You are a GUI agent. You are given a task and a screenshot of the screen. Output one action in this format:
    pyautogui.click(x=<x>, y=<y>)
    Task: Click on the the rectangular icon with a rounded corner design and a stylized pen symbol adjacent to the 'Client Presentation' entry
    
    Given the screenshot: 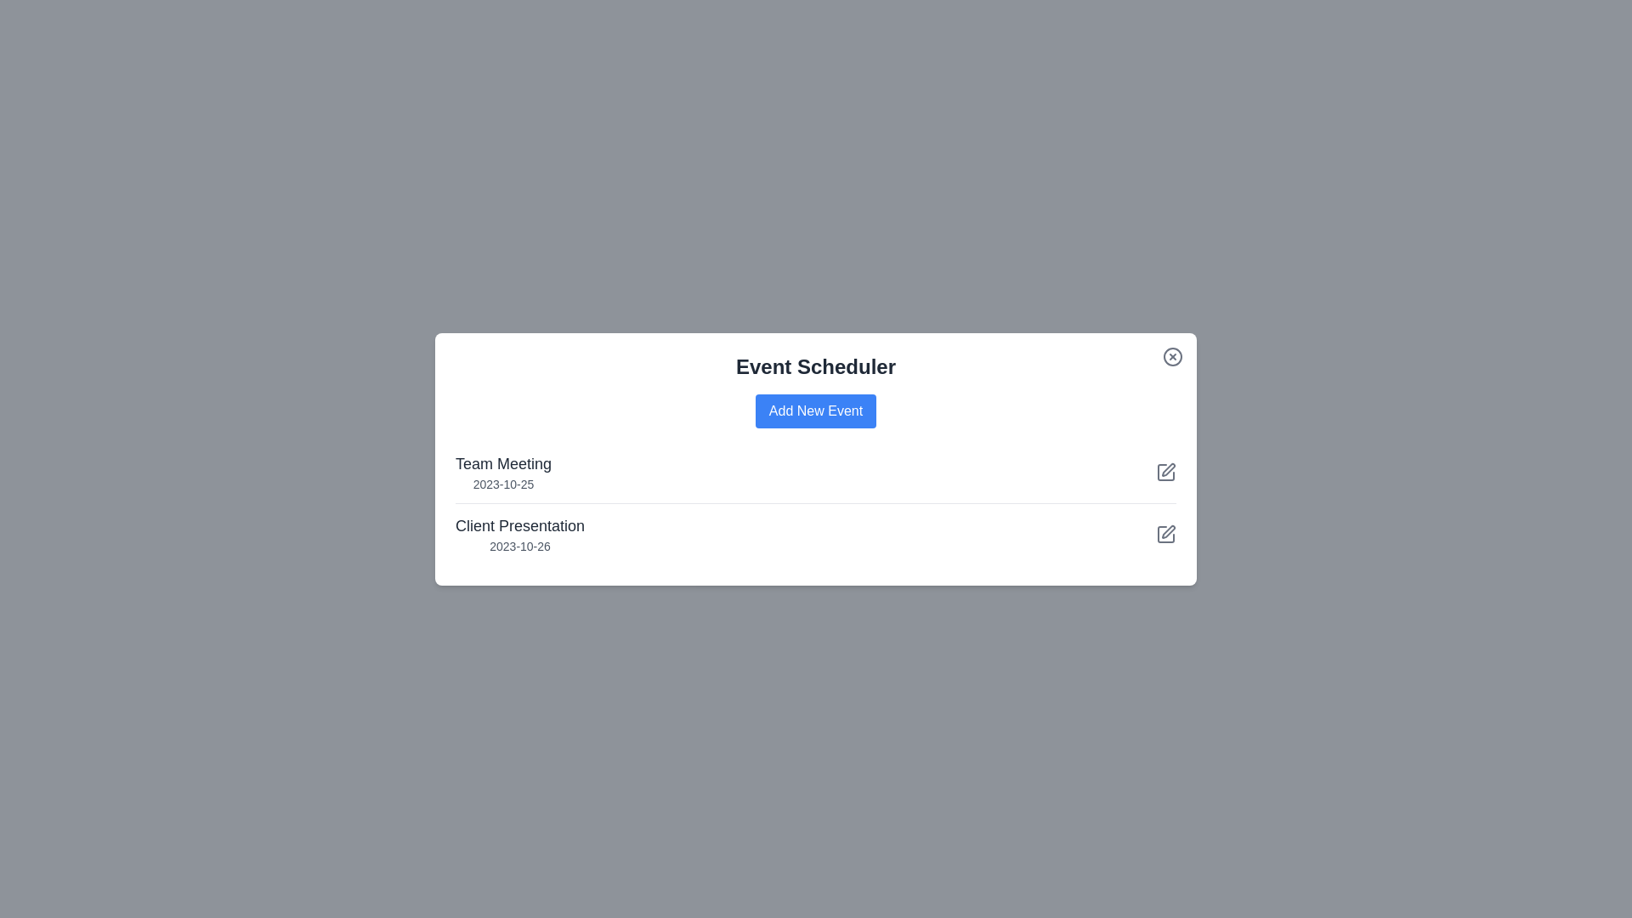 What is the action you would take?
    pyautogui.click(x=1165, y=533)
    